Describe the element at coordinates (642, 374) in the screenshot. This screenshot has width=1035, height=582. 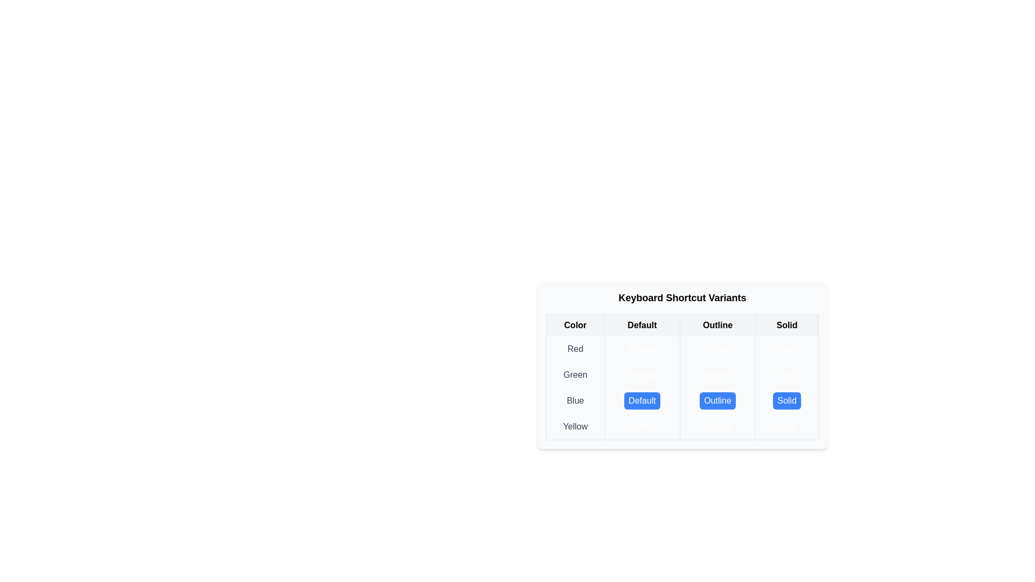
I see `the button labeled 'Default' with a green background located in the second row and second column of the table` at that location.